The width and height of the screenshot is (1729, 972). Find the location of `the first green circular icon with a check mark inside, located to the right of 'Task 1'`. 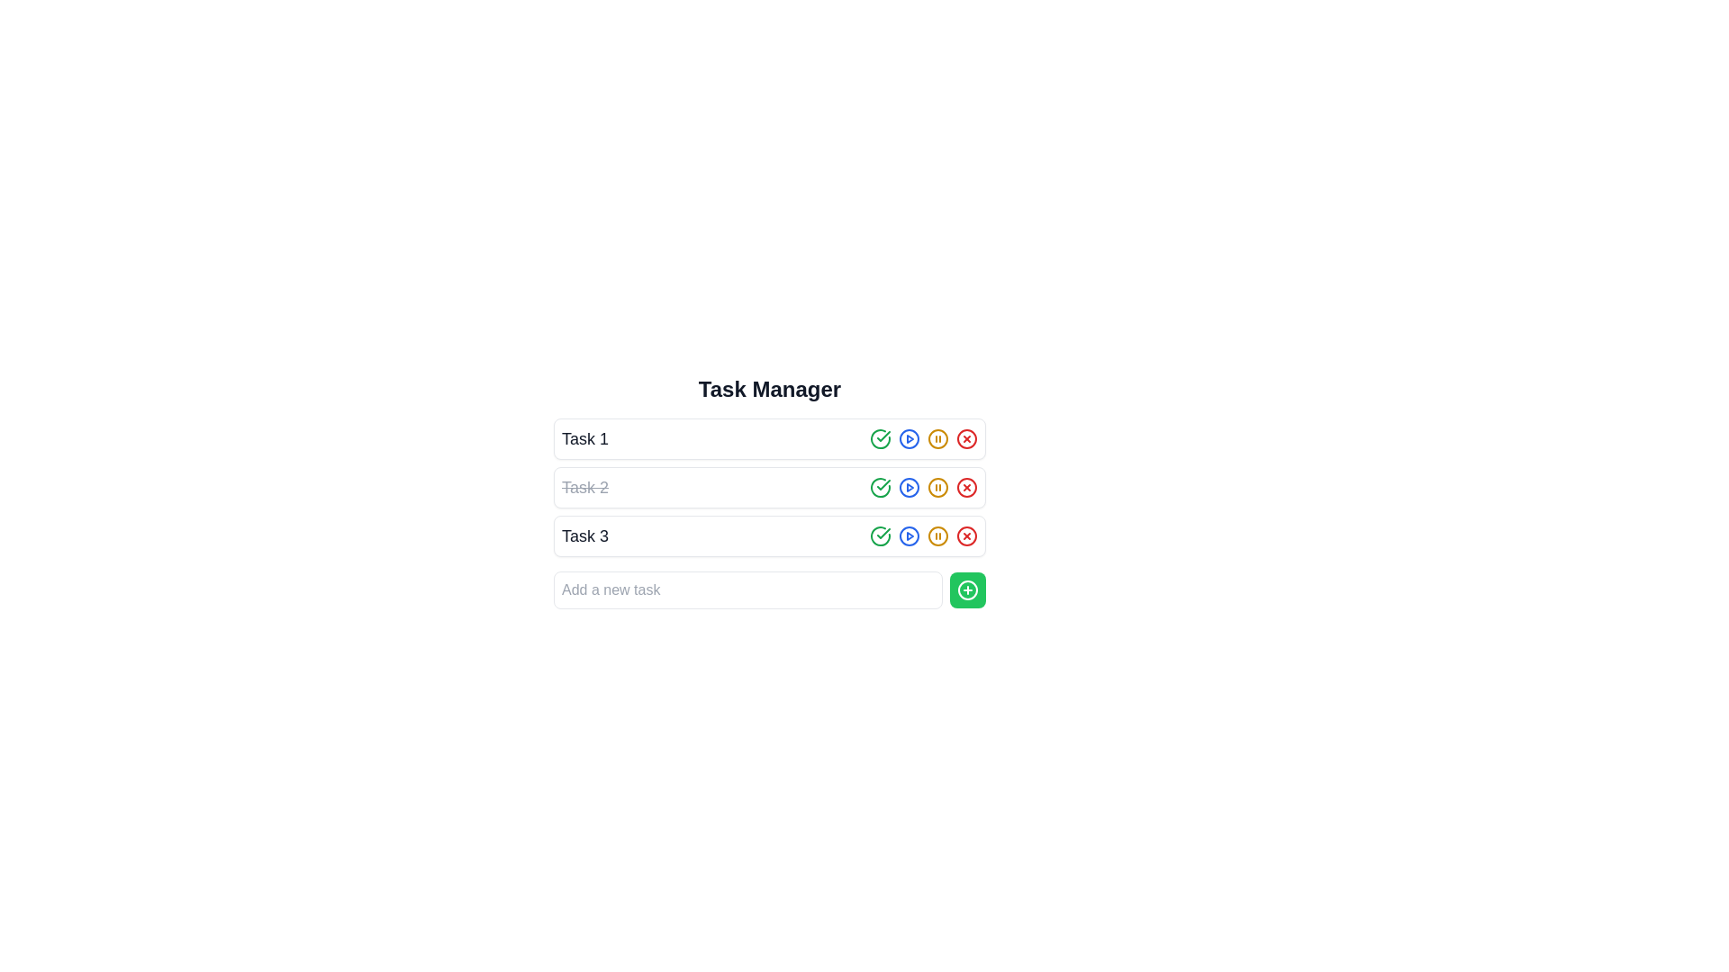

the first green circular icon with a check mark inside, located to the right of 'Task 1' is located at coordinates (881, 439).